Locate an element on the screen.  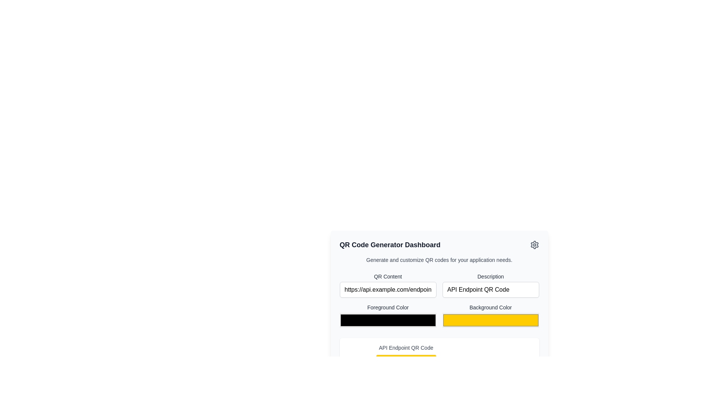
the cogwheel icon in the top-right corner of the QR Code Generator Dashboard is located at coordinates (534, 245).